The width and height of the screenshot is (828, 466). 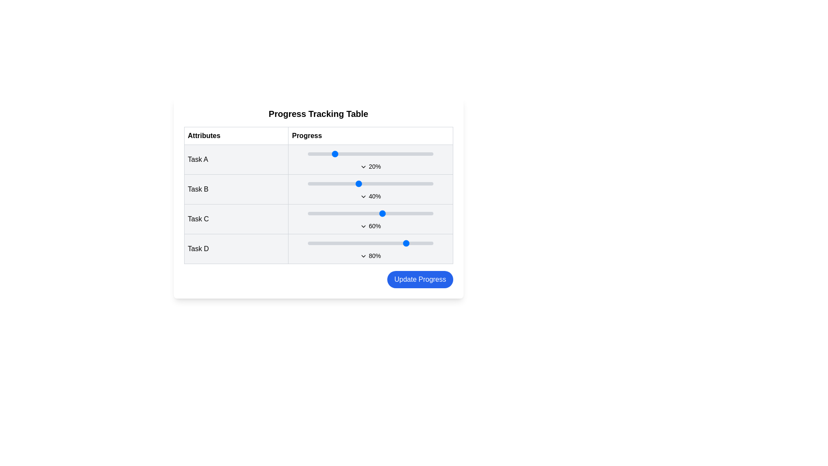 I want to click on the small triangular-shaped downward arrow icon located below the progress bar and percentage label ('20%') in the 'Task A' section of the 'Progress Tracking Table', so click(x=370, y=160).